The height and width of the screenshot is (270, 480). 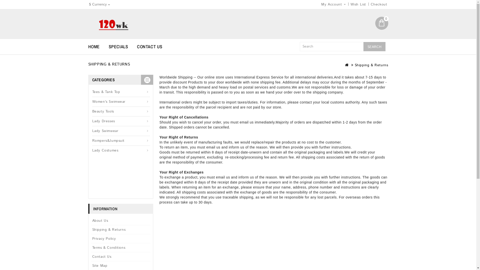 I want to click on 'HOME', so click(x=88, y=46).